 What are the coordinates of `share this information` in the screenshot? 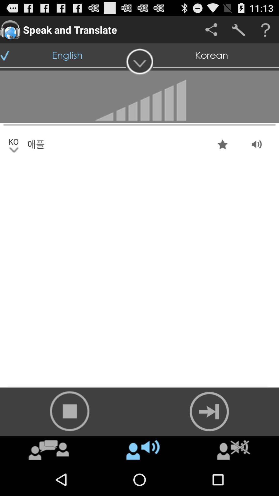 It's located at (211, 29).